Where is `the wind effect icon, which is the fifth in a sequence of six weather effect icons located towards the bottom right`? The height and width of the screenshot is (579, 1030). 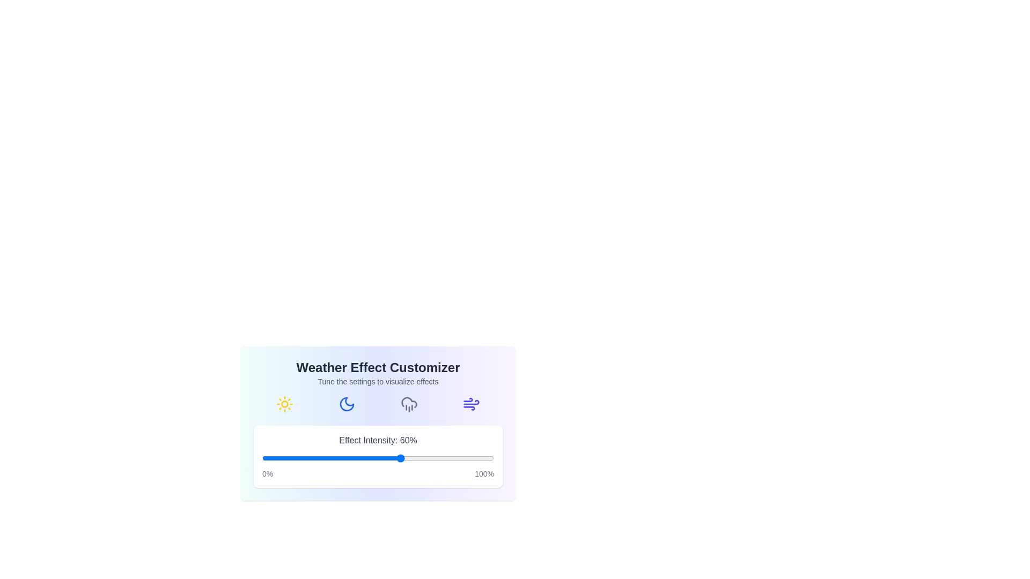
the wind effect icon, which is the fifth in a sequence of six weather effect icons located towards the bottom right is located at coordinates (471, 404).